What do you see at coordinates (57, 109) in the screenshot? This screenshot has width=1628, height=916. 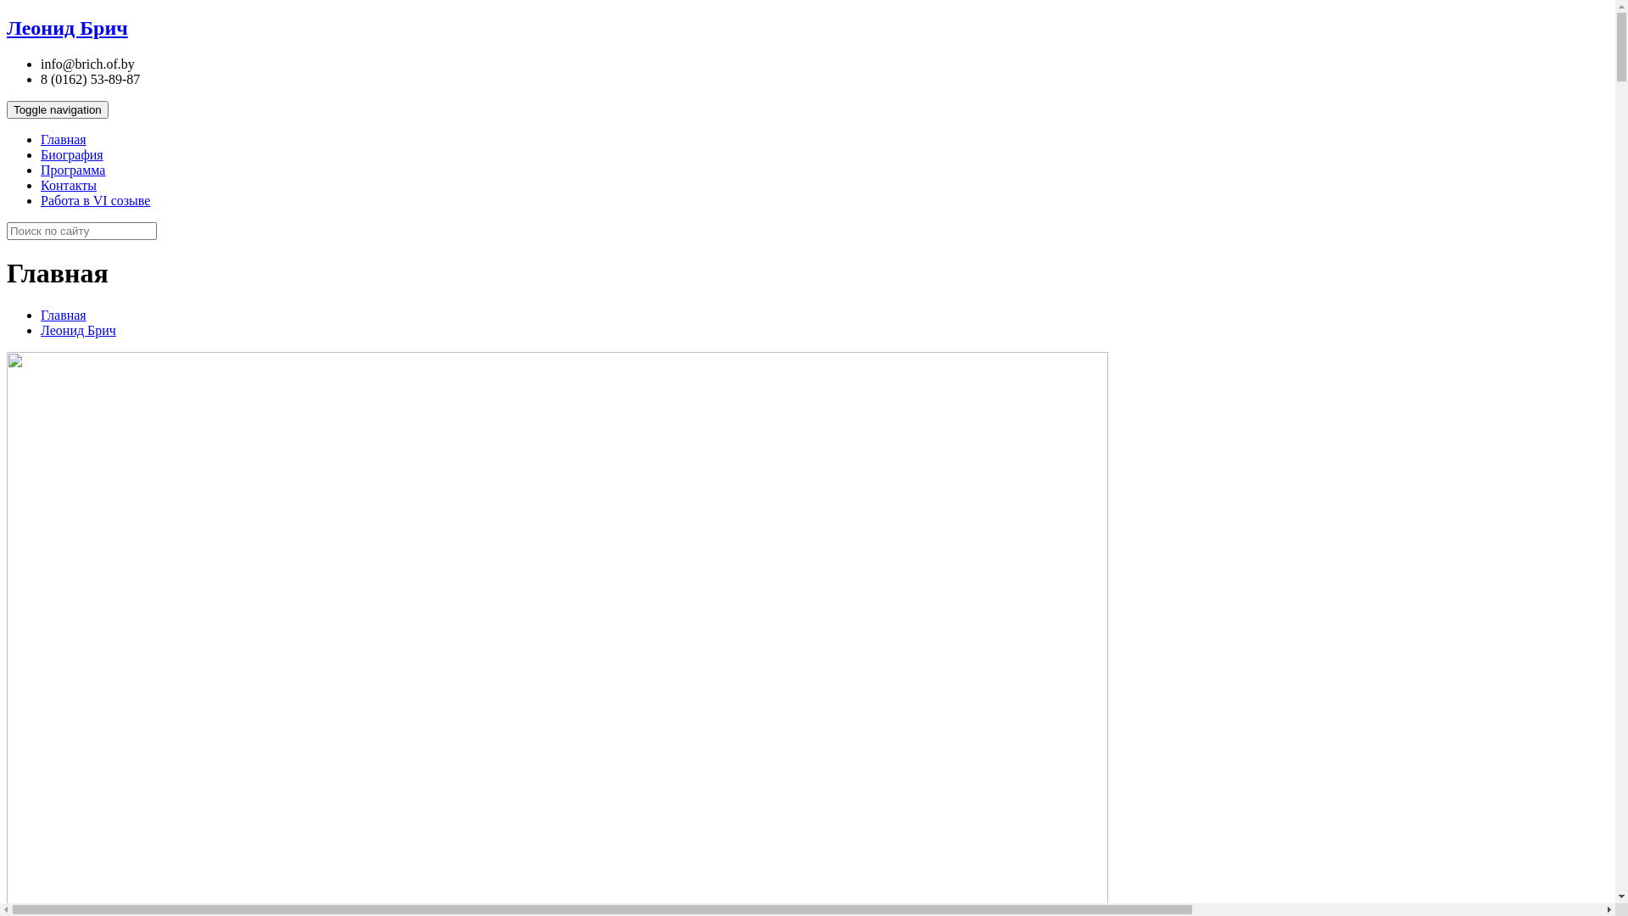 I see `'Toggle navigation'` at bounding box center [57, 109].